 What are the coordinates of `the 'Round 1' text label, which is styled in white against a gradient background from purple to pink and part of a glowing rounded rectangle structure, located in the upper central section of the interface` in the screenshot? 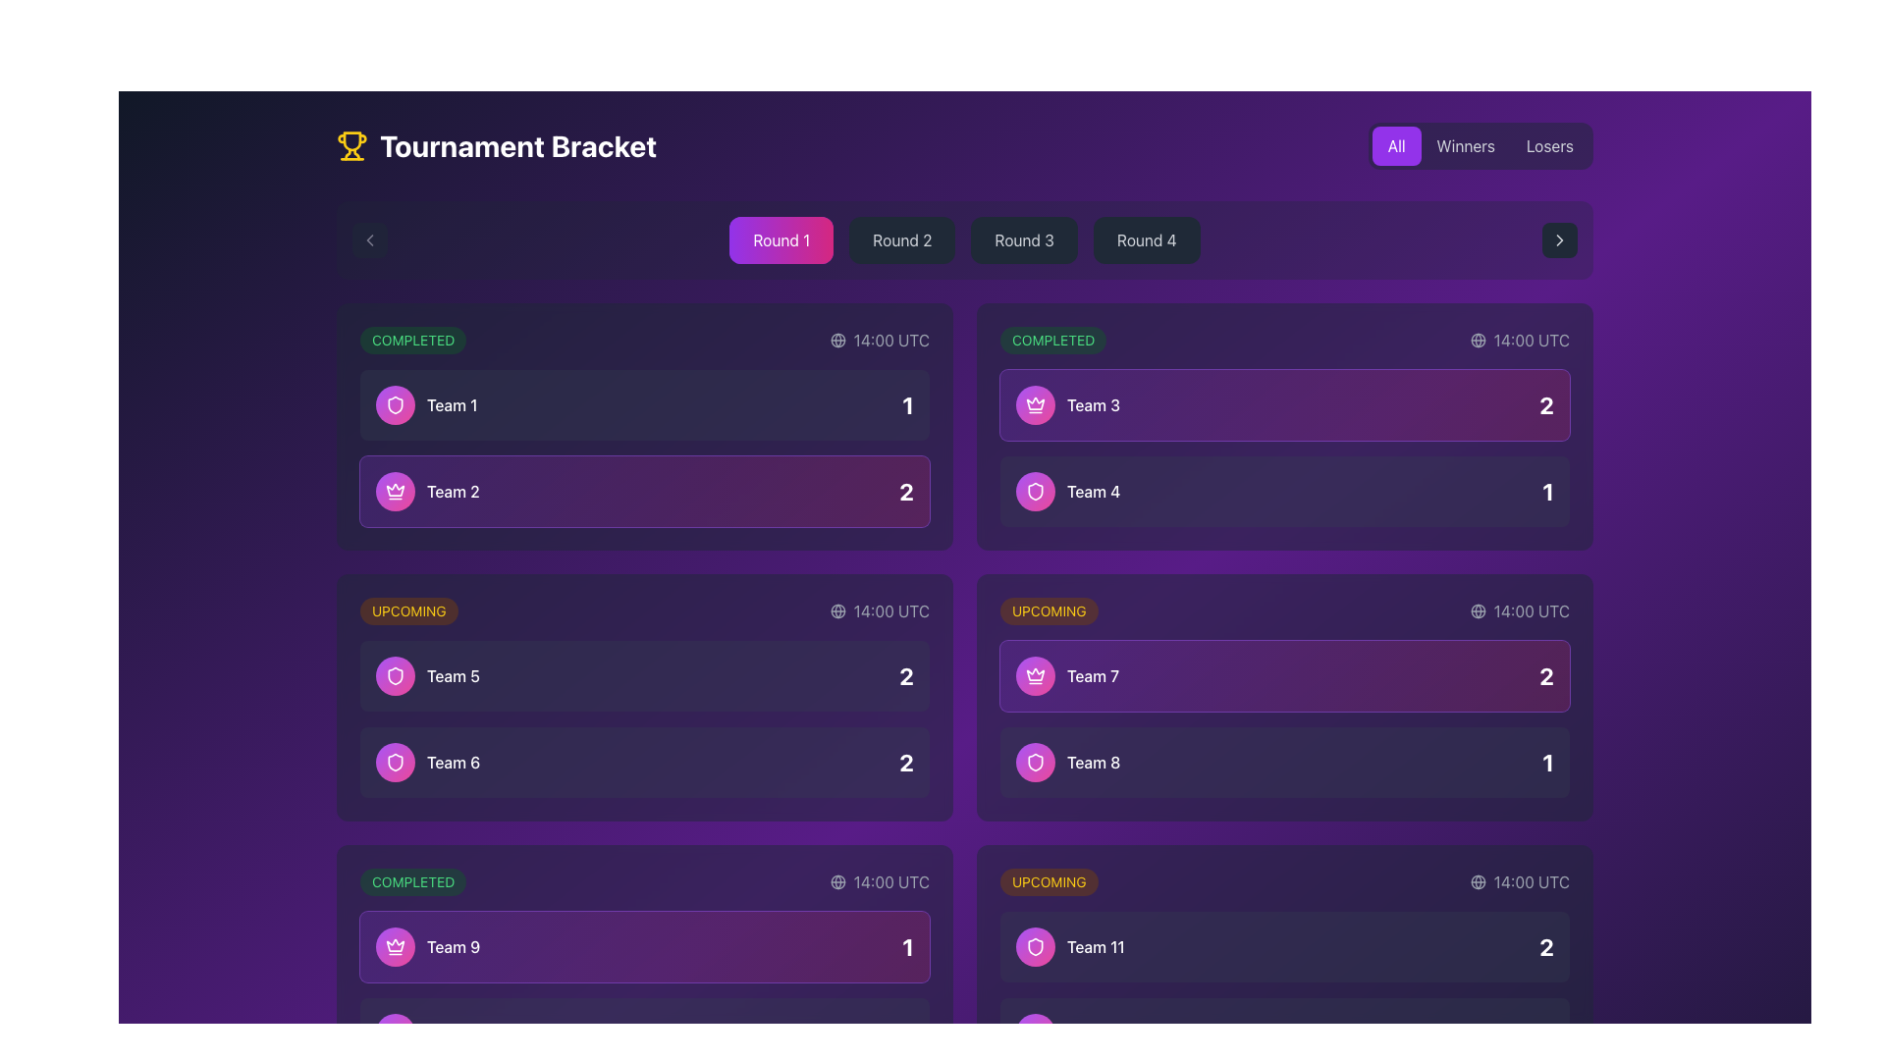 It's located at (781, 239).